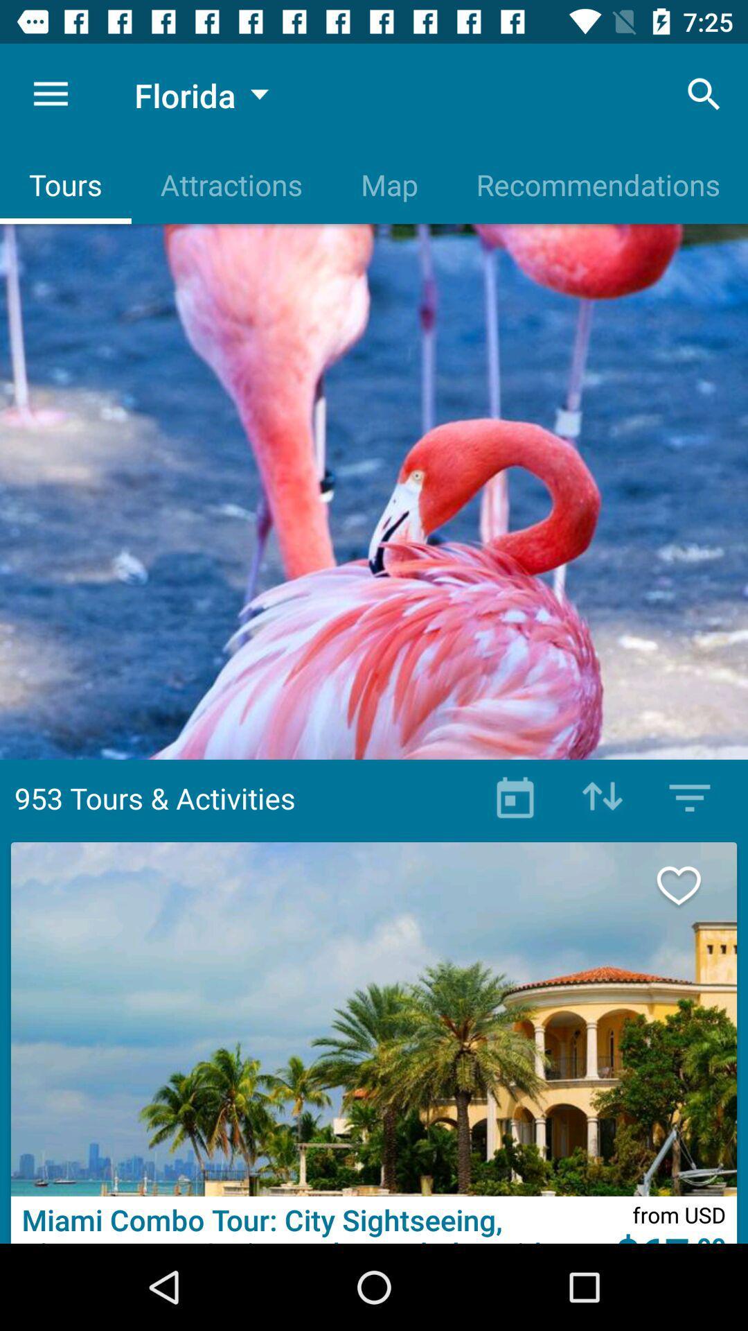  I want to click on heart sympol buttton, so click(693, 885).